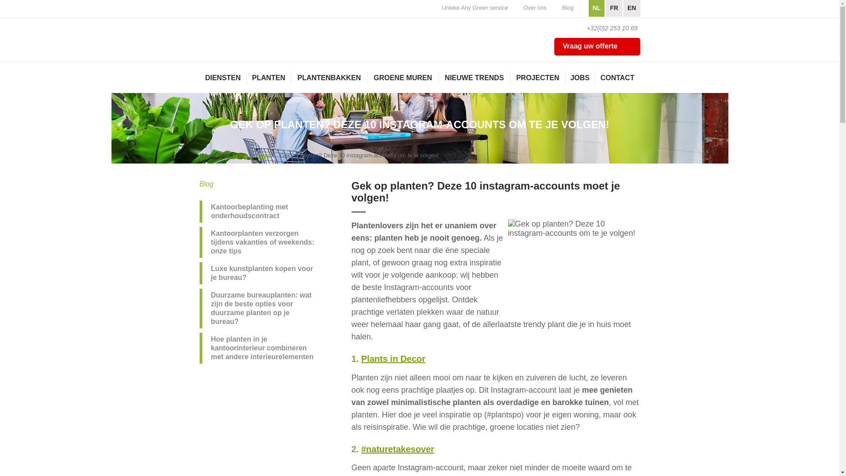  What do you see at coordinates (237, 30) in the screenshot?
I see `'AnyGreen'` at bounding box center [237, 30].